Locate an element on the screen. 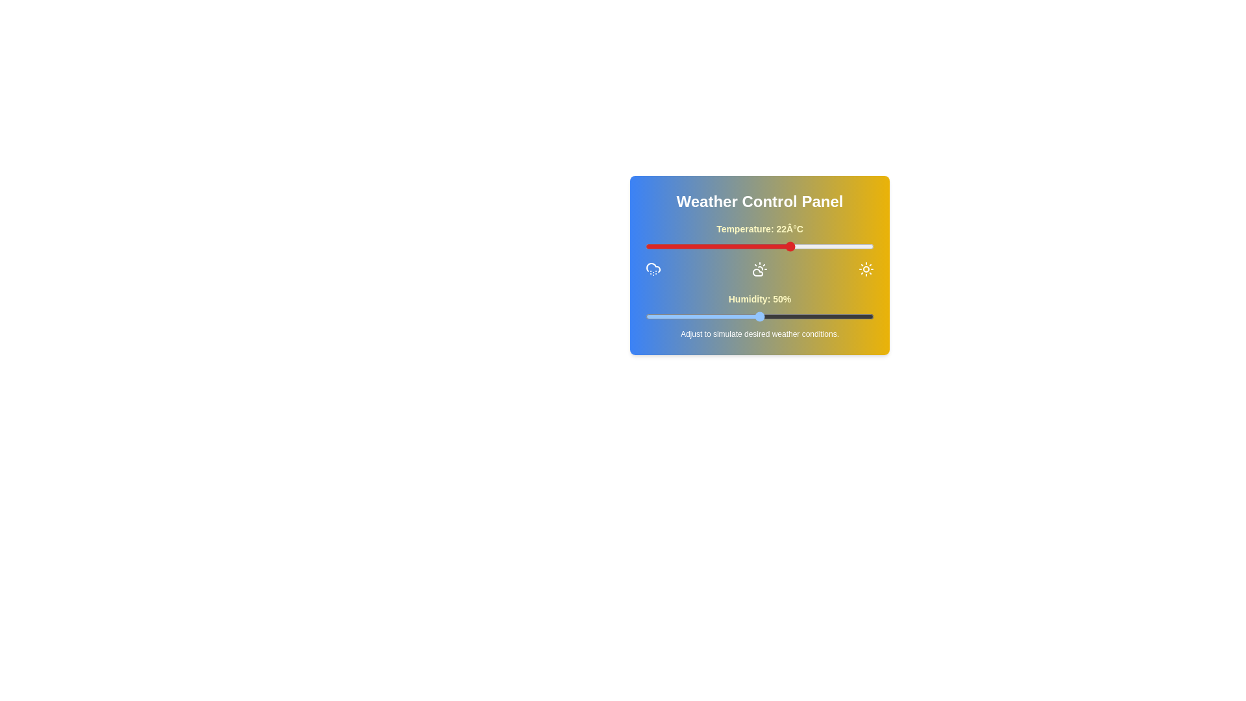 This screenshot has height=701, width=1246. the text label displaying 'Humidity: 50%' in a bold, small font, which is located above a range slider in the 'Weather Control Panel' is located at coordinates (760, 299).